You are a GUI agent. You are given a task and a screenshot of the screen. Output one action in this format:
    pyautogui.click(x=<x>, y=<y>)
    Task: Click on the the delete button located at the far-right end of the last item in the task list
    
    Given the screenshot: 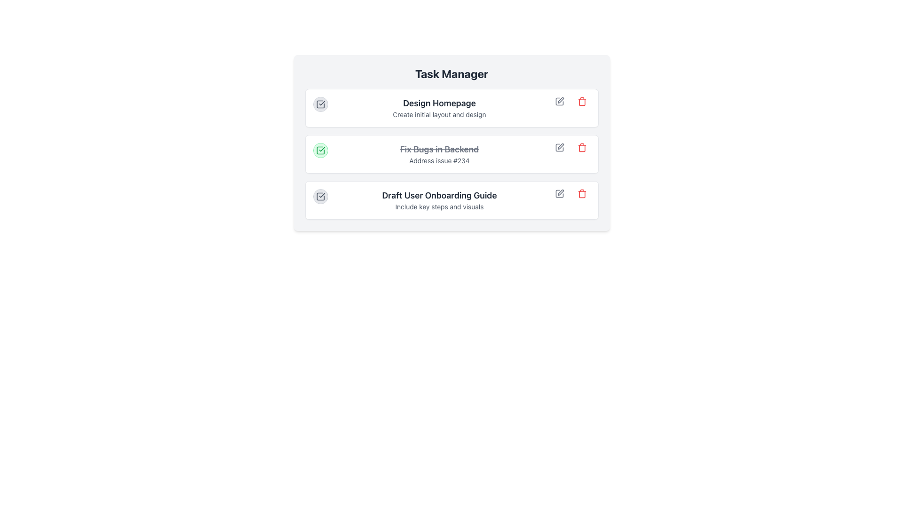 What is the action you would take?
    pyautogui.click(x=581, y=193)
    